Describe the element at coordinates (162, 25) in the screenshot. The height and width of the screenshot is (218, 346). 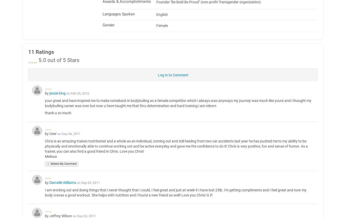
I see `'Female'` at that location.